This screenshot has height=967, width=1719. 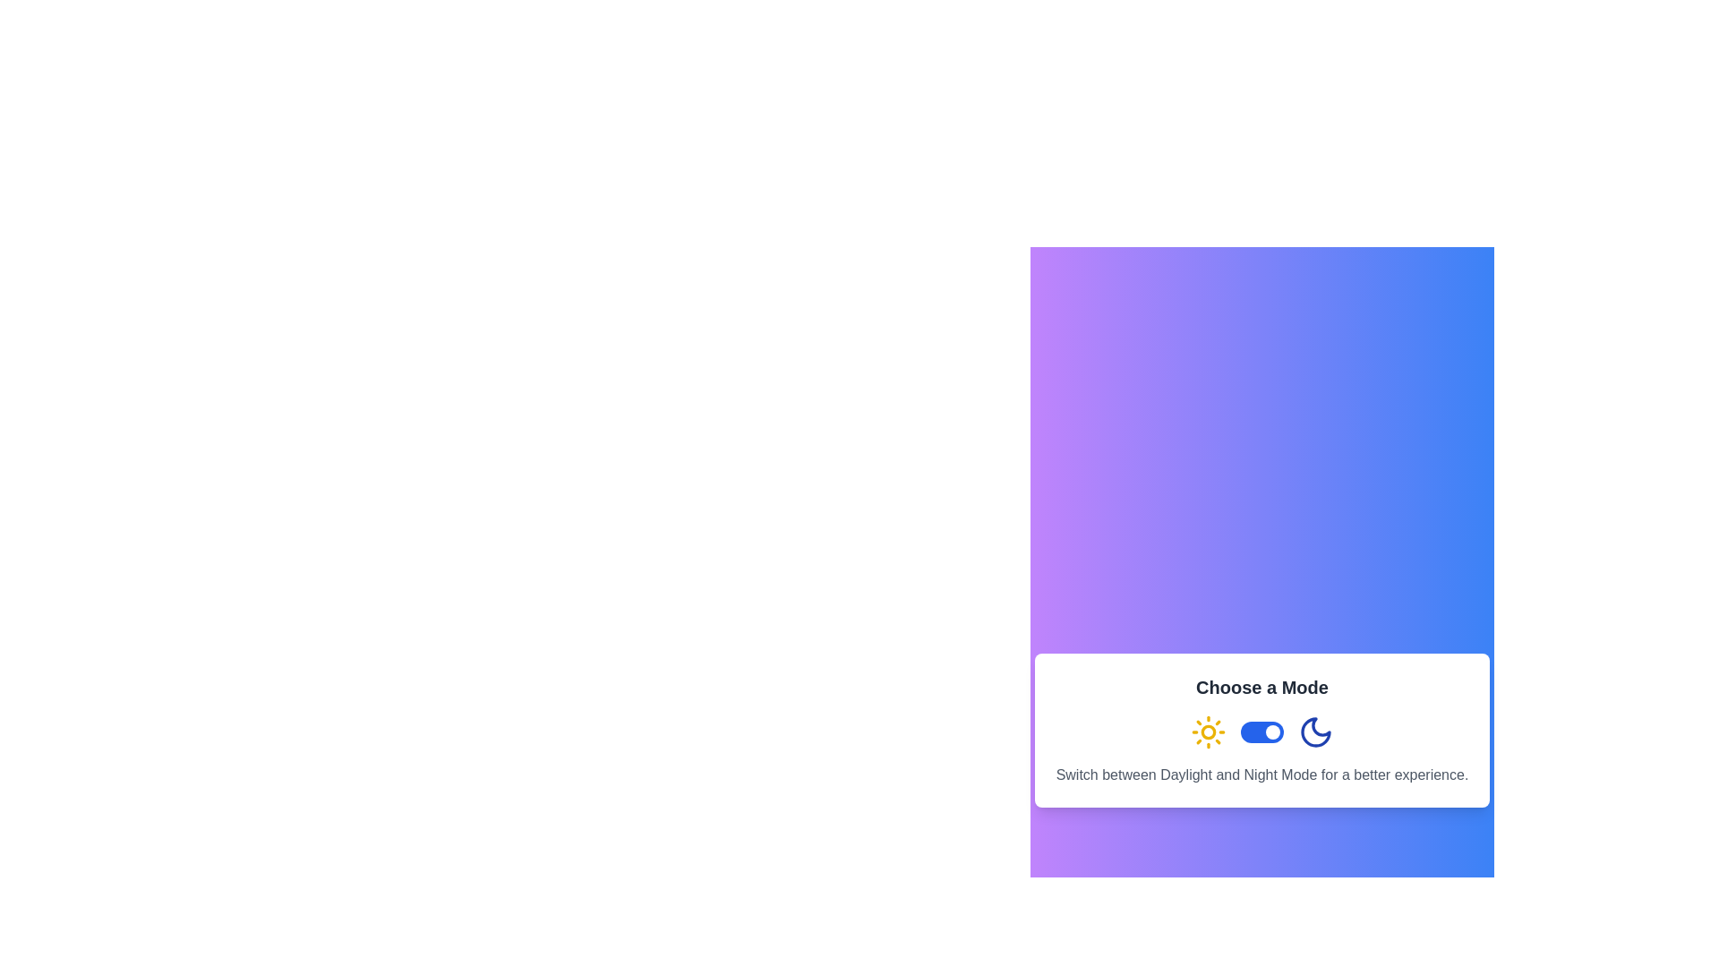 I want to click on the vibrant yellow sun icon representing daylight mode, located in the center-left position of a horizontally arranged group, below the heading 'Choose a Mode', so click(x=1208, y=732).